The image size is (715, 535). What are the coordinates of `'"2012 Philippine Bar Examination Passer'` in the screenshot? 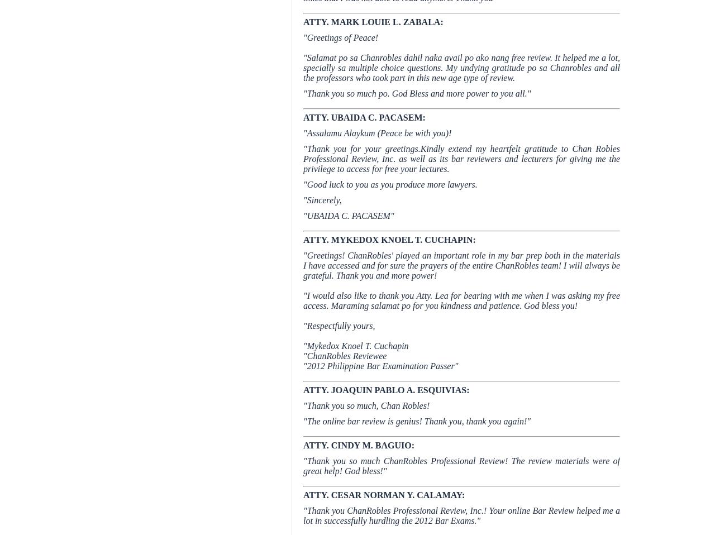 It's located at (303, 365).